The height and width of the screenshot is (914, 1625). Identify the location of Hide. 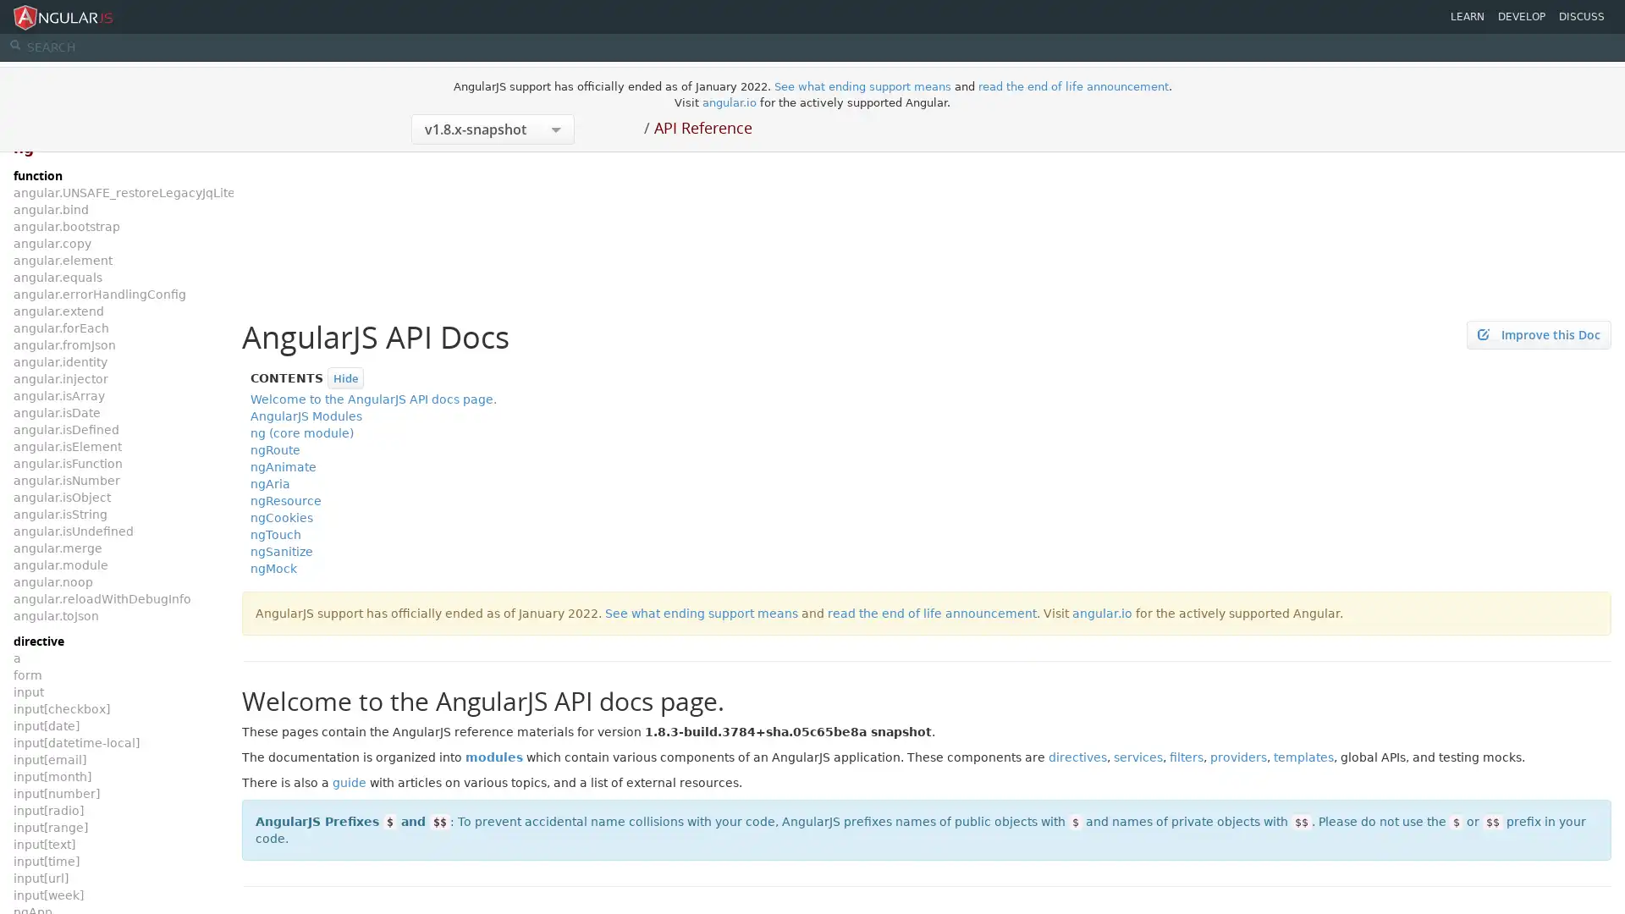
(344, 377).